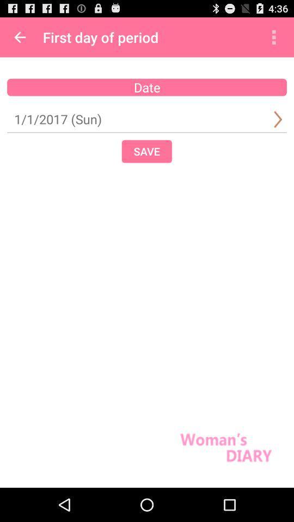 Image resolution: width=294 pixels, height=522 pixels. What do you see at coordinates (20, 37) in the screenshot?
I see `item next to first day of` at bounding box center [20, 37].